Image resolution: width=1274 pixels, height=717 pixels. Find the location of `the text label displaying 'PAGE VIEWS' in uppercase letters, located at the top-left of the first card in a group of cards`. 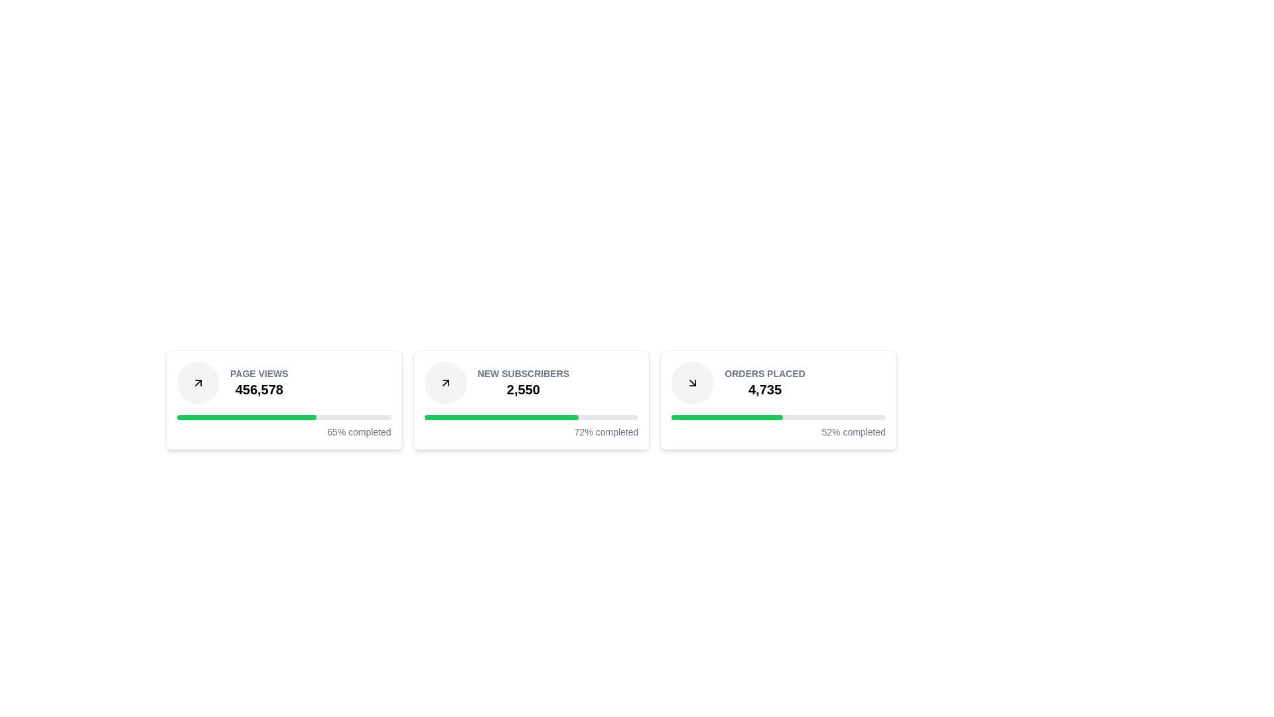

the text label displaying 'PAGE VIEWS' in uppercase letters, located at the top-left of the first card in a group of cards is located at coordinates (259, 374).